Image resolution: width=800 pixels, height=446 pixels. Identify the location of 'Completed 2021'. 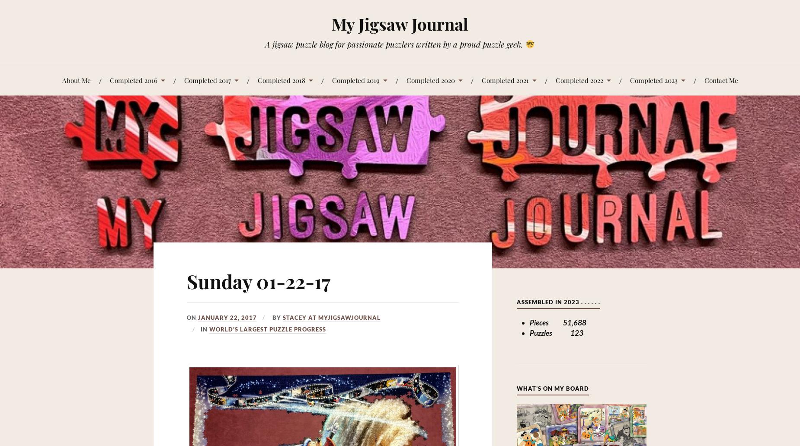
(480, 79).